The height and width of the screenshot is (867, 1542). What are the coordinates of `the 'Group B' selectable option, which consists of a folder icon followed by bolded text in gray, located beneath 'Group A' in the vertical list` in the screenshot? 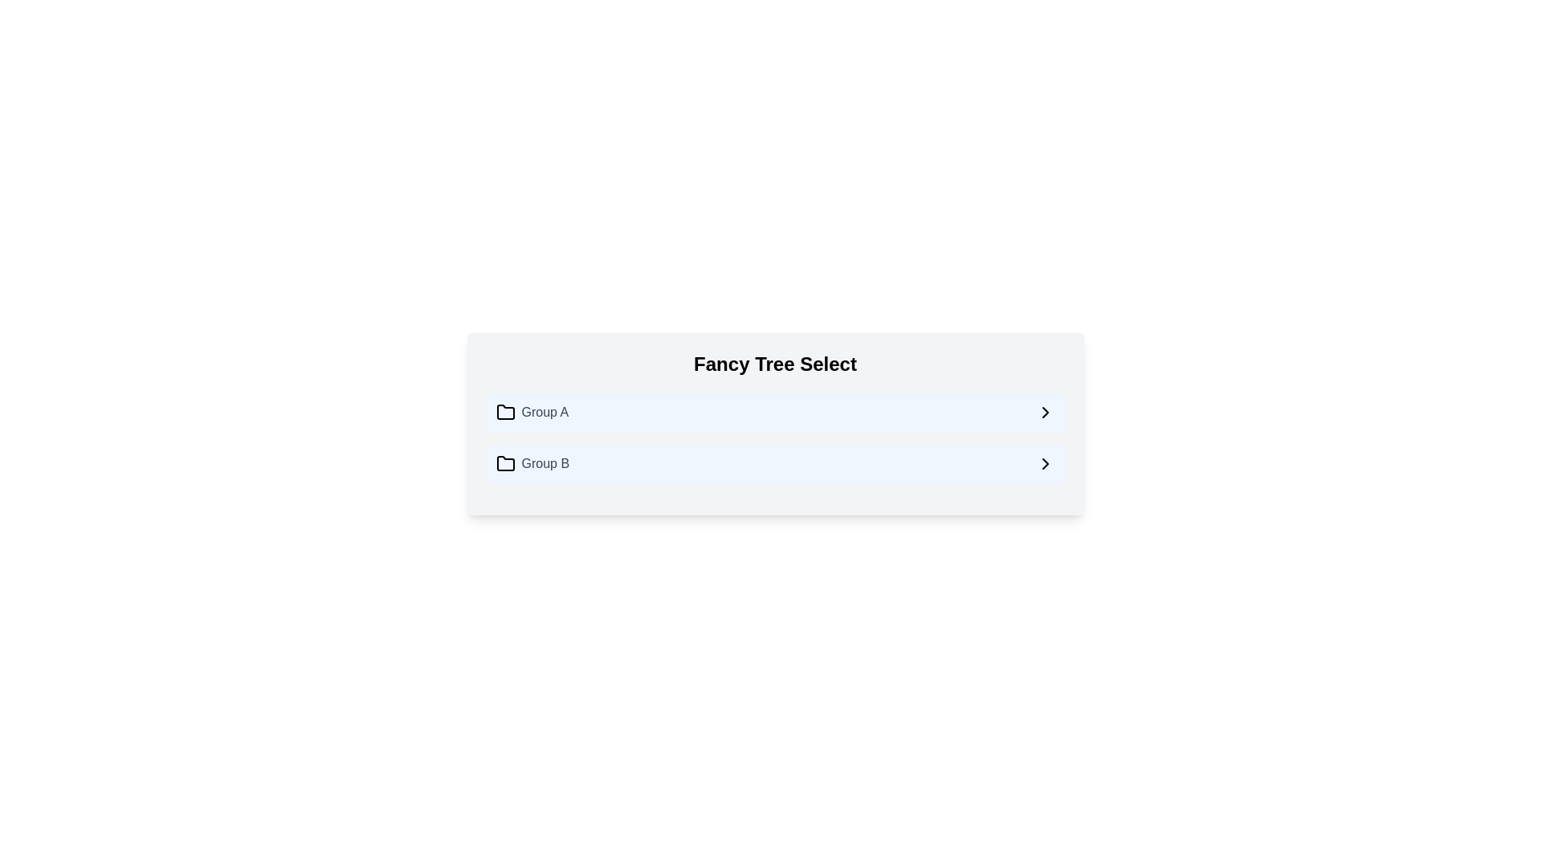 It's located at (532, 464).